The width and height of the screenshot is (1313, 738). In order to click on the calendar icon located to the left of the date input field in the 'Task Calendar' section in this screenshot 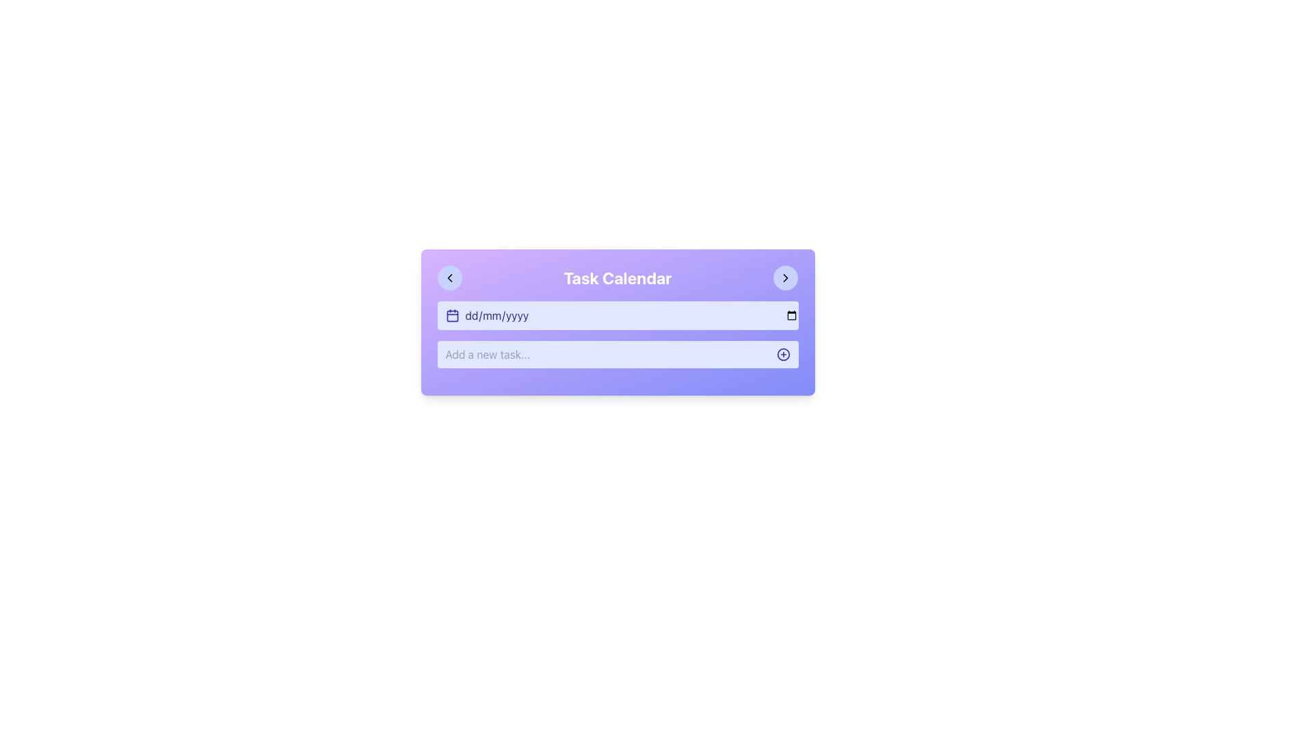, I will do `click(452, 316)`.